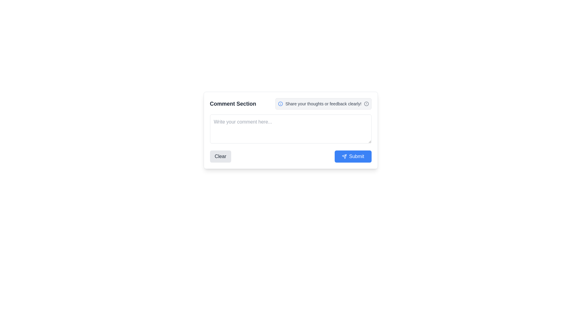 The width and height of the screenshot is (581, 327). Describe the element at coordinates (280, 104) in the screenshot. I see `the decorative SVG circle within the information icon located to the right of the 'Comment Section' title` at that location.